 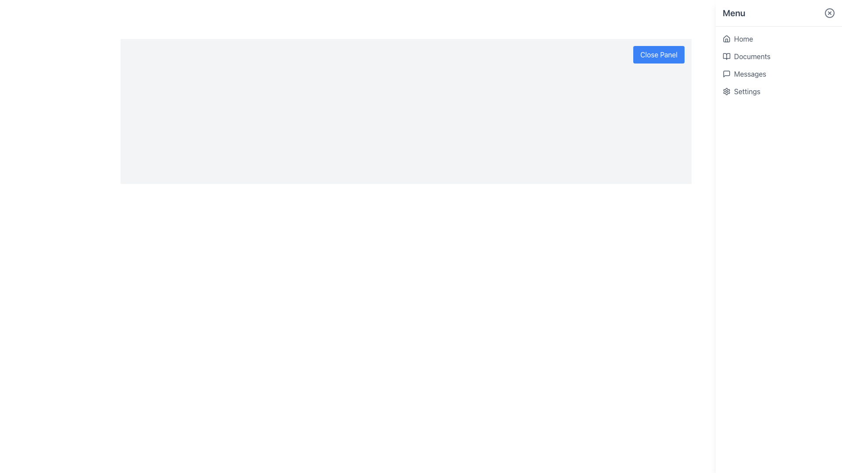 I want to click on the fourth menu item button located between the 'Messages' item and the next item, so click(x=779, y=91).